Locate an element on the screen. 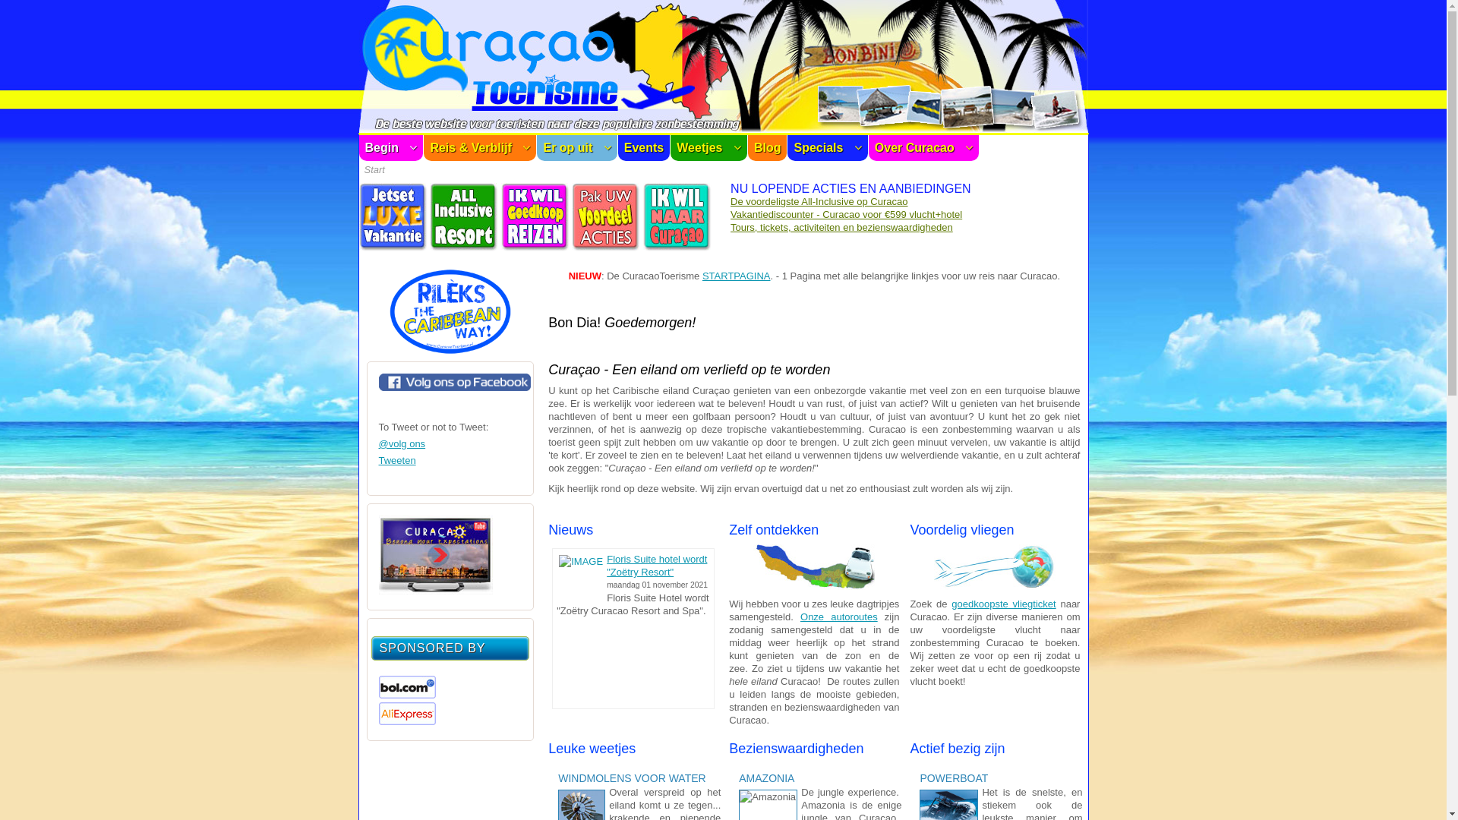  'Curacao voor jetsetters' is located at coordinates (393, 247).